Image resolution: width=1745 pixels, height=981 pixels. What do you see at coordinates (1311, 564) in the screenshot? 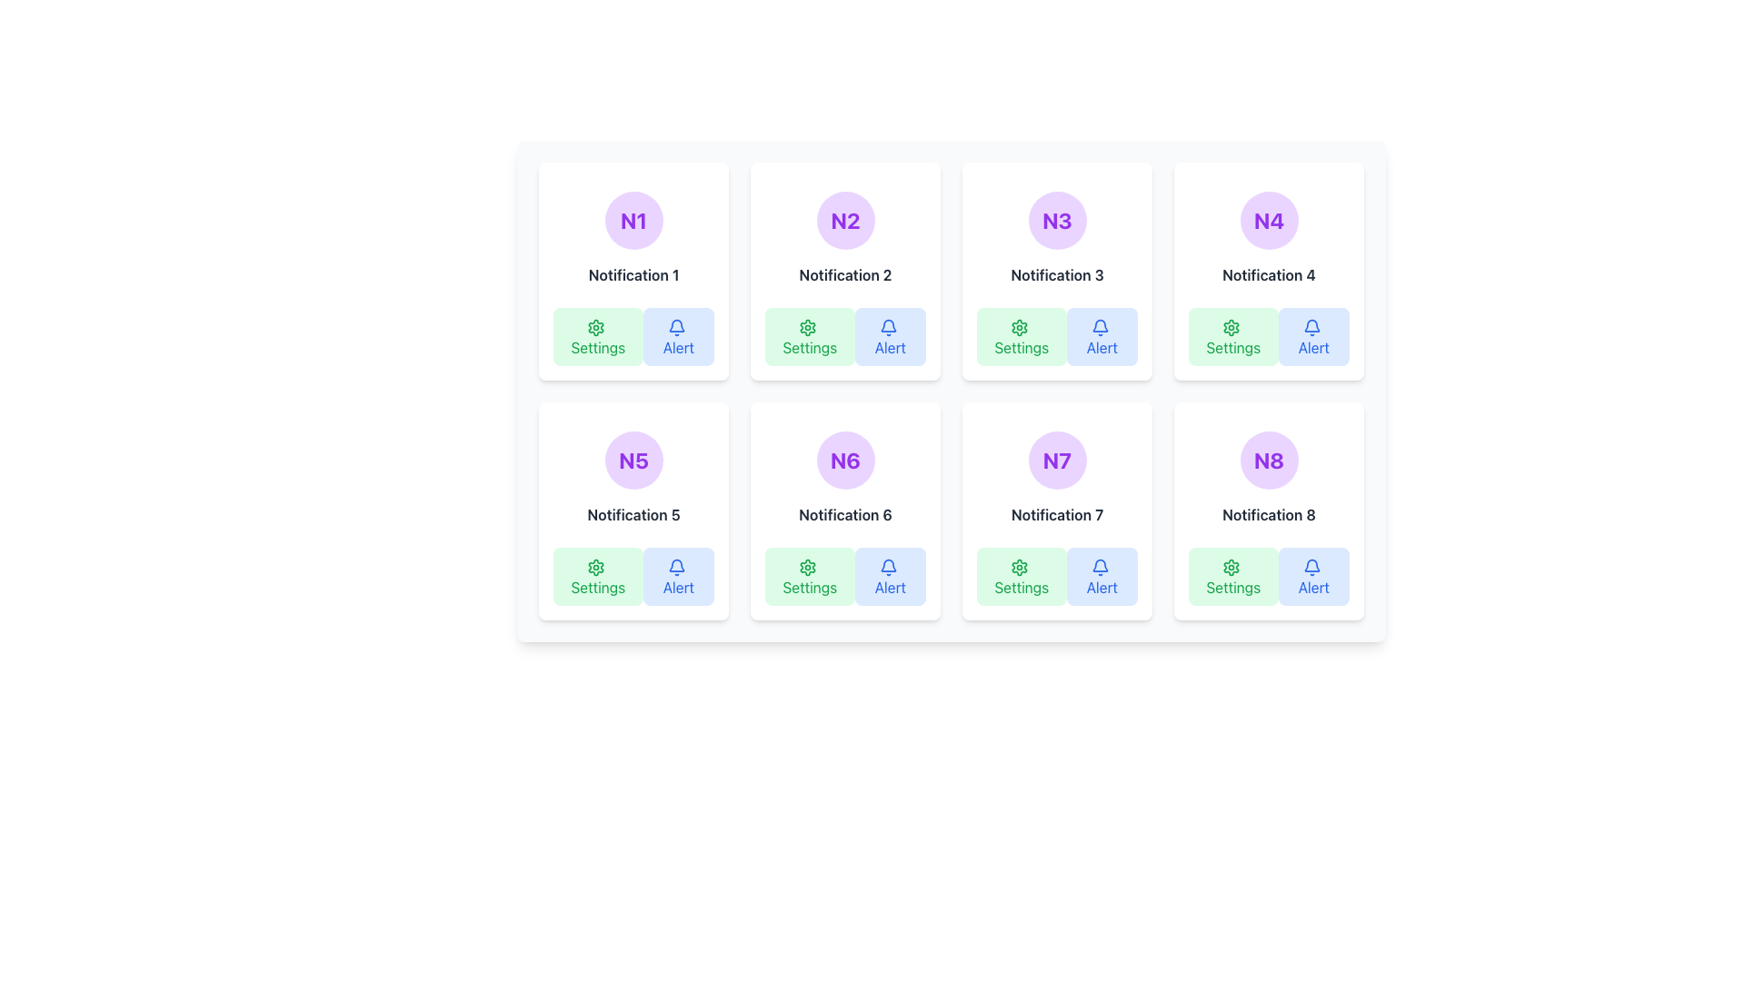
I see `the bell-shaped notification icon located at the center of the 'Alert' button on the last card (N8) in the bottom-right of the interface` at bounding box center [1311, 564].